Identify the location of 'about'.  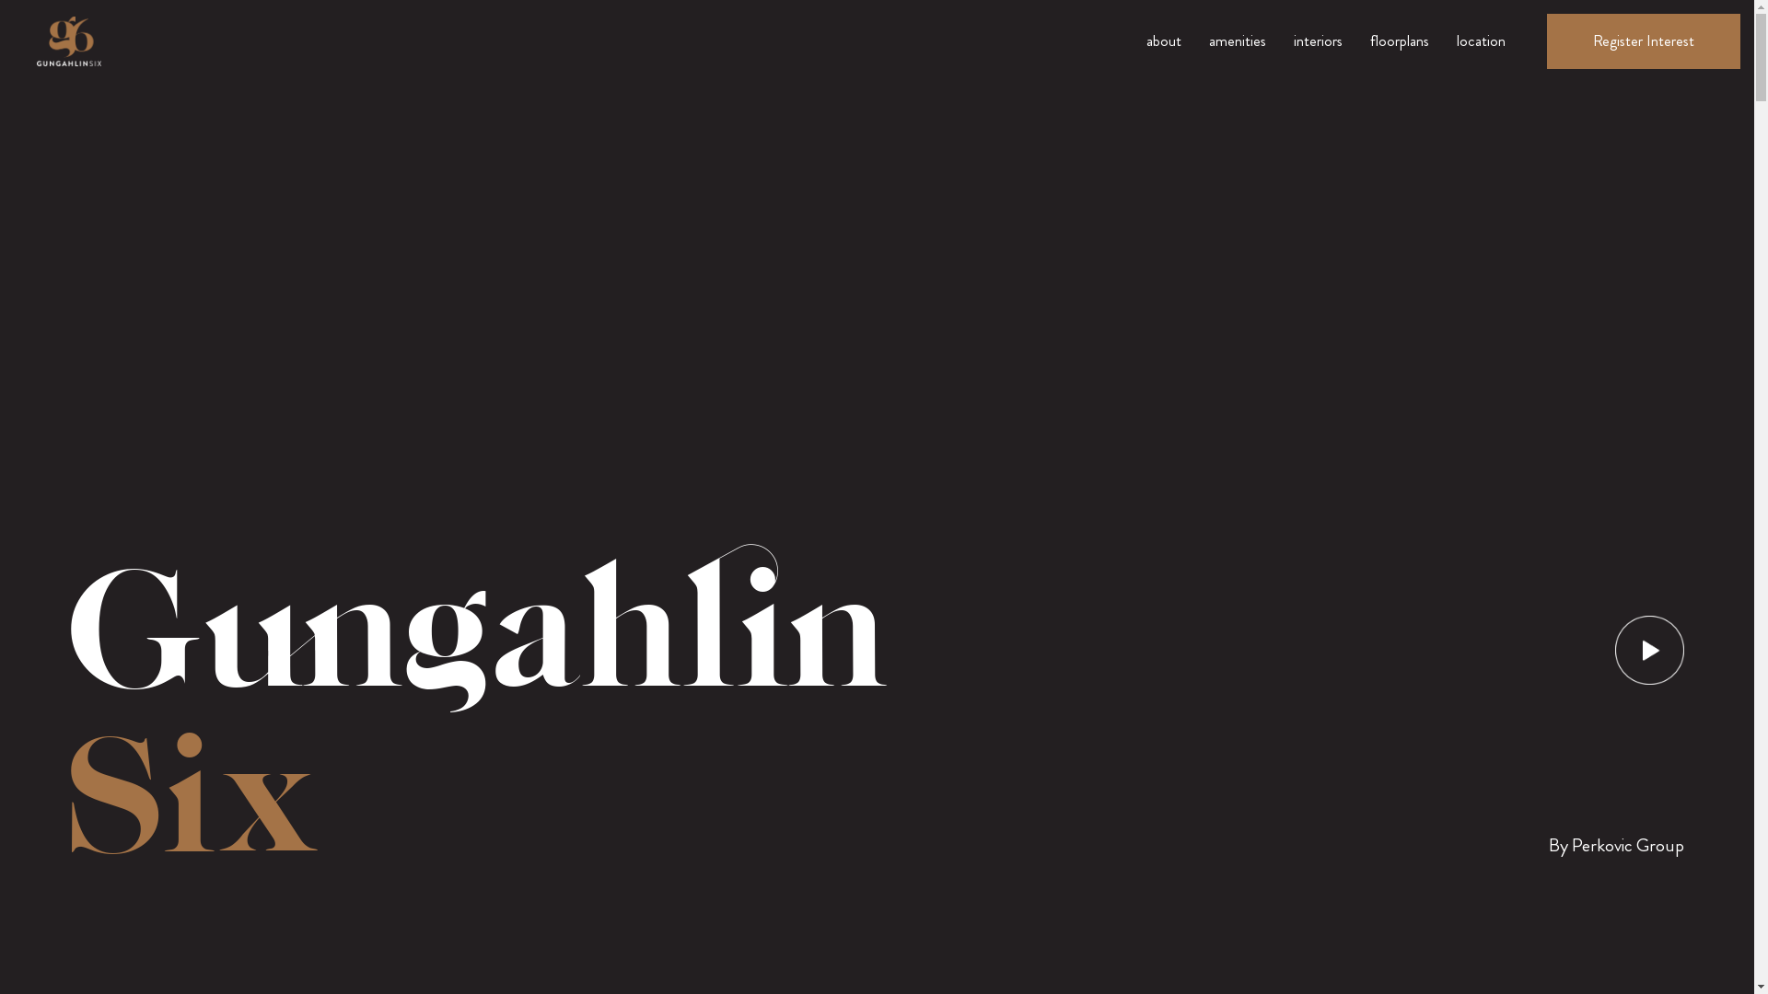
(1162, 41).